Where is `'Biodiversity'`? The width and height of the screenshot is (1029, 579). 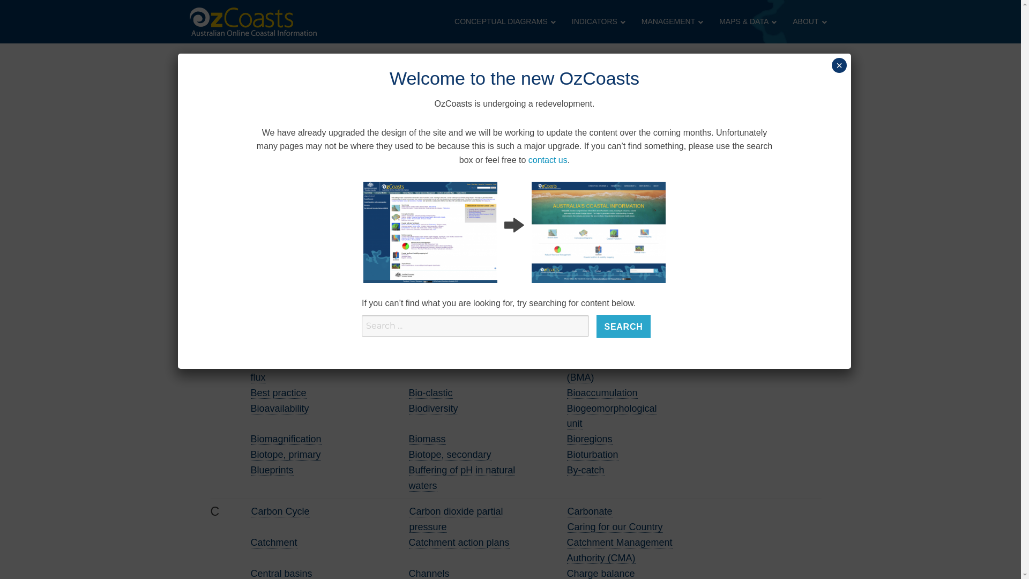
'Biodiversity' is located at coordinates (433, 409).